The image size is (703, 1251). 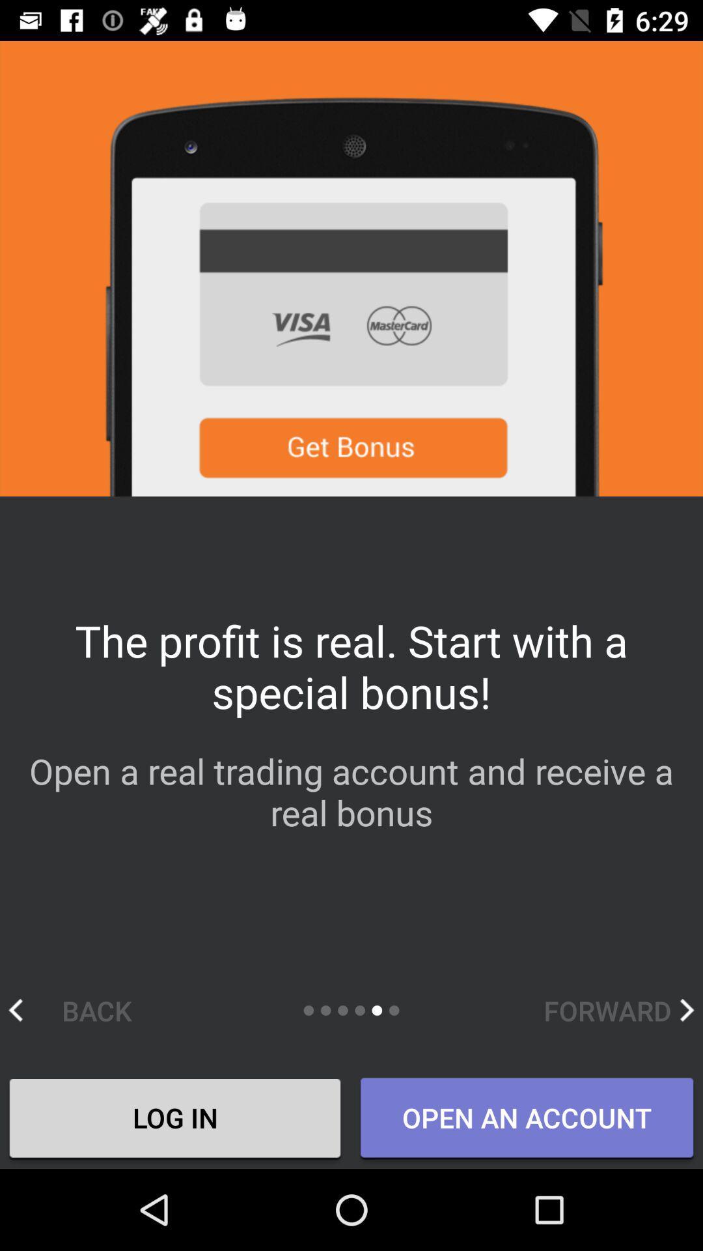 What do you see at coordinates (83, 1009) in the screenshot?
I see `item above the log in item` at bounding box center [83, 1009].